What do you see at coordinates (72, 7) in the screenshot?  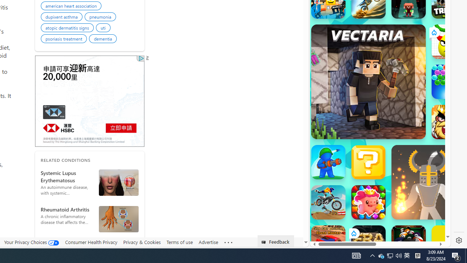 I see `'american heart association'` at bounding box center [72, 7].